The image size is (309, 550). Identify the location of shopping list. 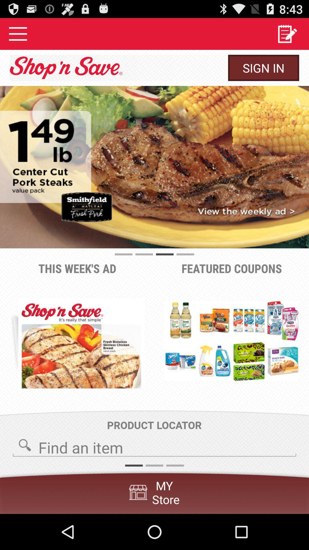
(287, 34).